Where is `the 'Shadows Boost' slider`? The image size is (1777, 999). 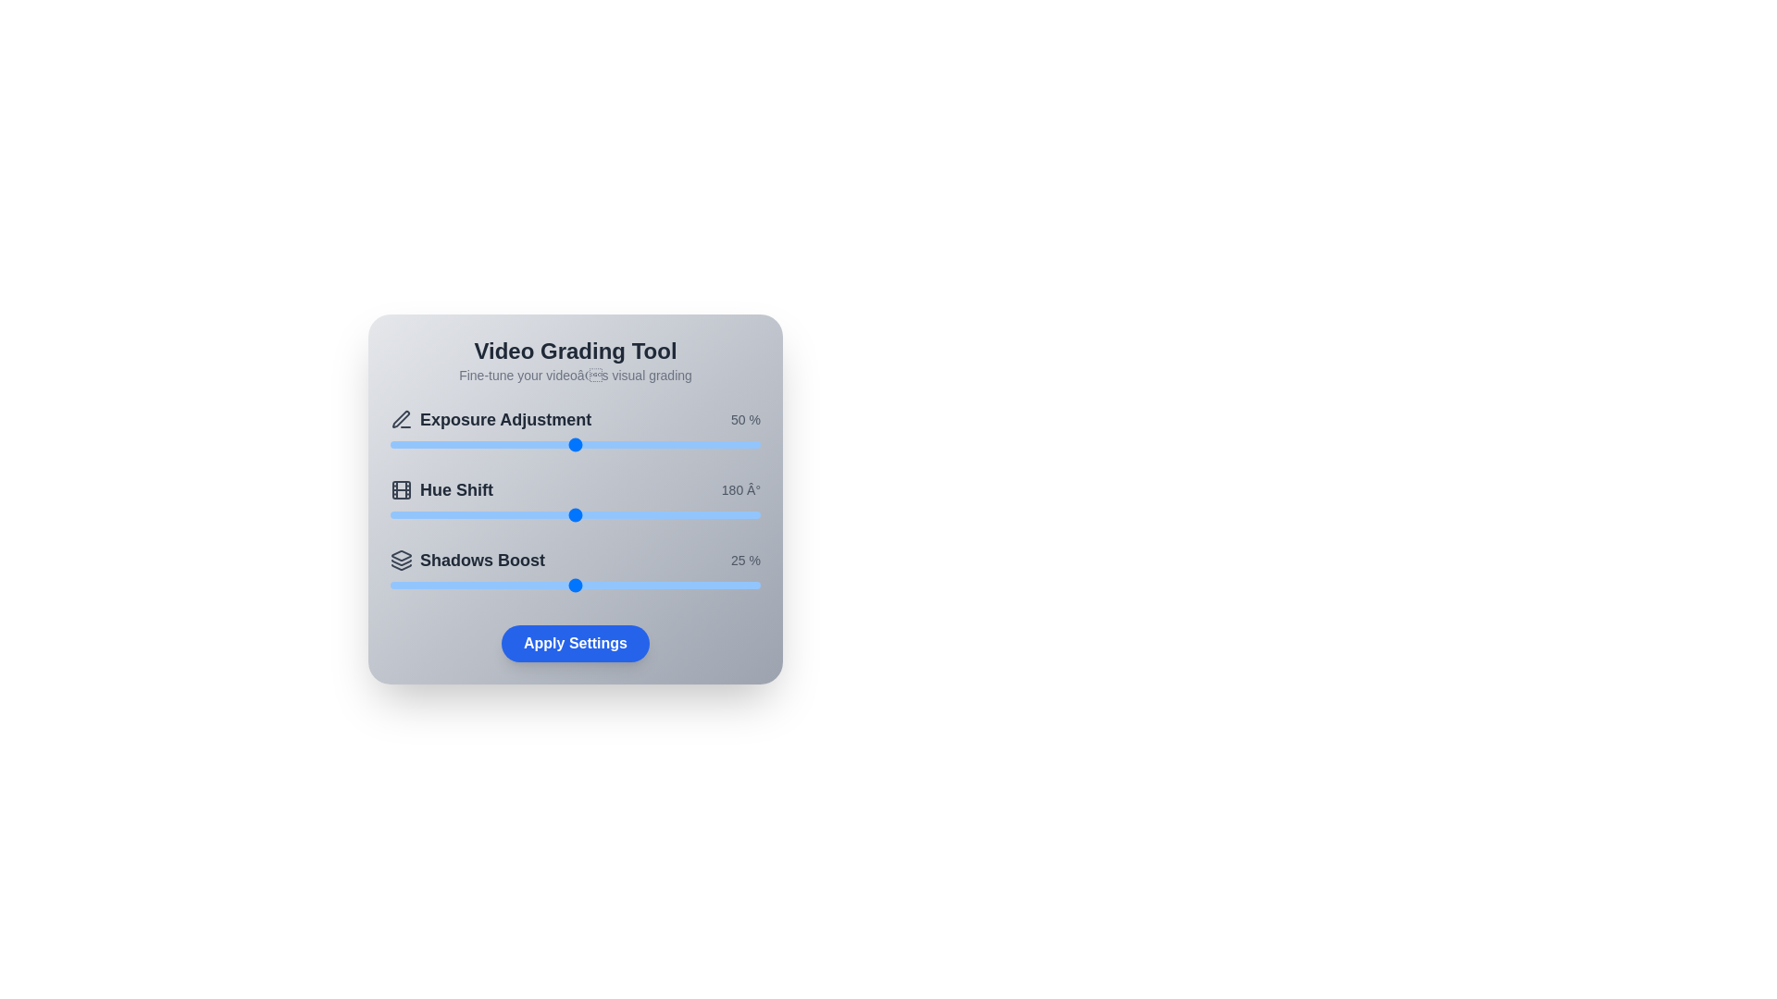 the 'Shadows Boost' slider is located at coordinates (567, 585).